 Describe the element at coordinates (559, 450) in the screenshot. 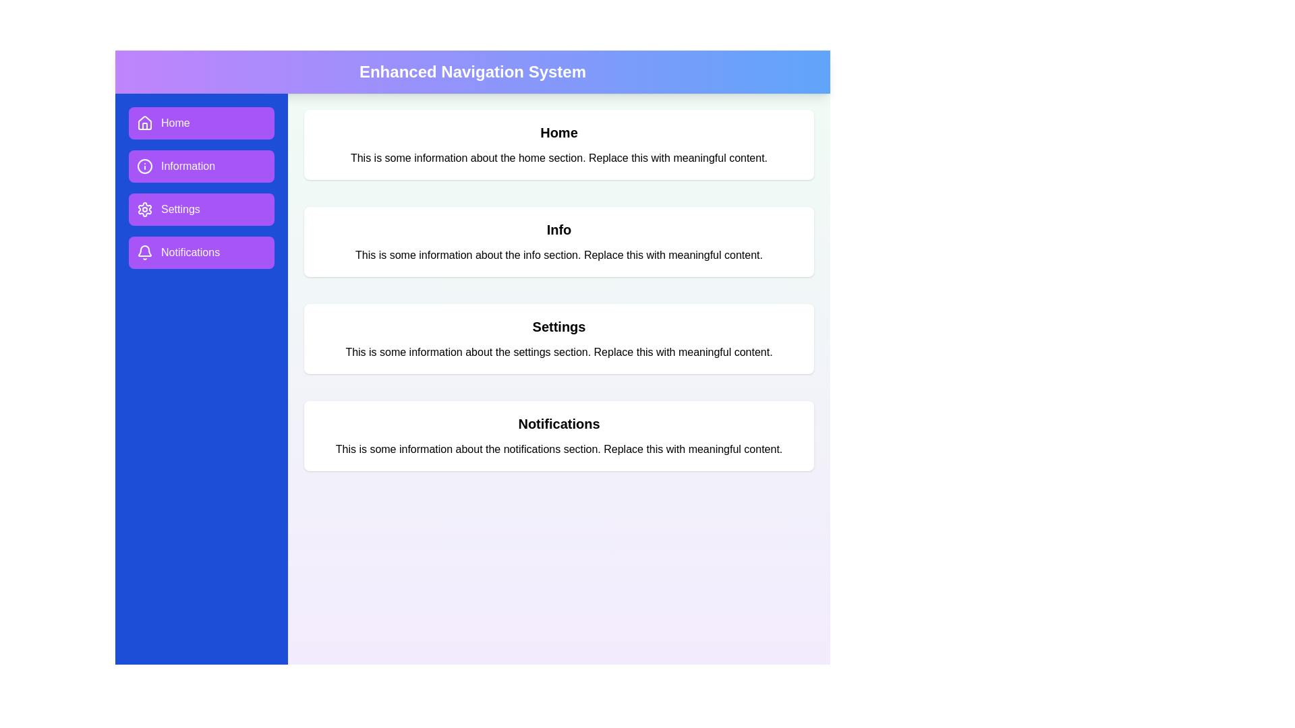

I see `the descriptive text block located in the Notifications section, directly below the title 'Notifications'` at that location.